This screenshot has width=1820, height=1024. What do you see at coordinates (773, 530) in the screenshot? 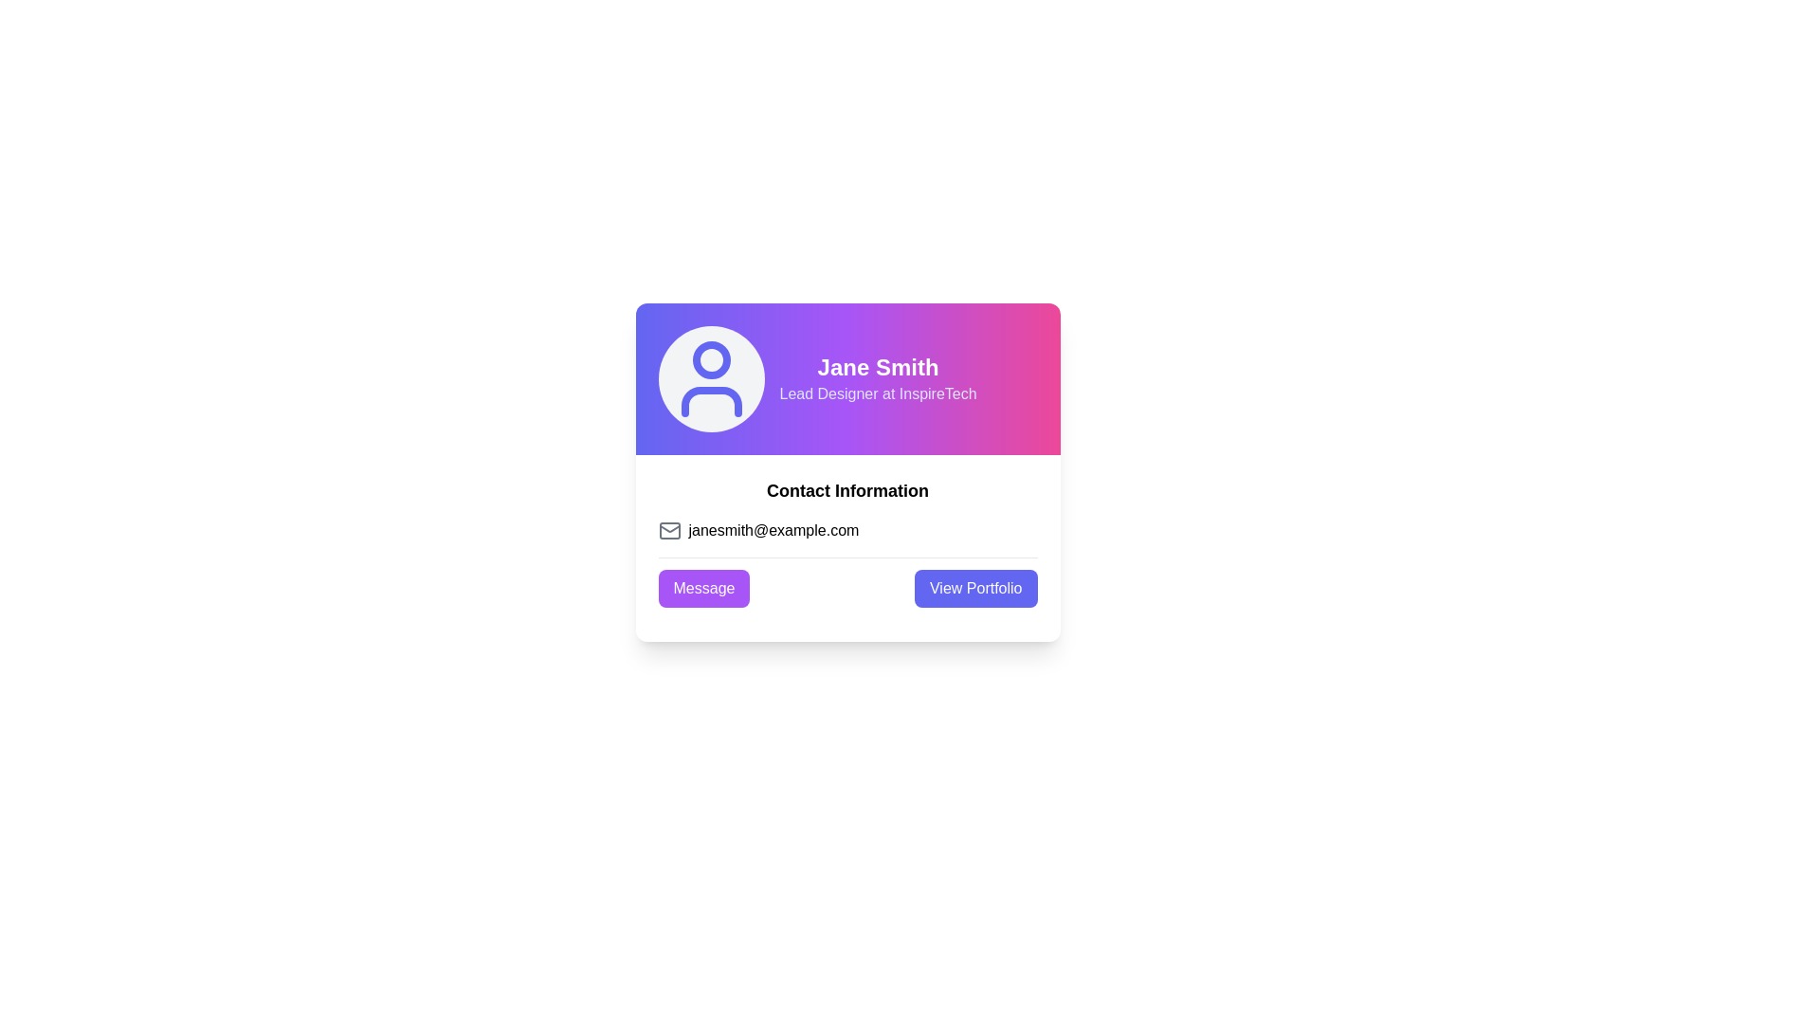
I see `the email address 'janesmith@example.com' which is located to the right of the envelope icon in the 'Contact Information' section` at bounding box center [773, 530].